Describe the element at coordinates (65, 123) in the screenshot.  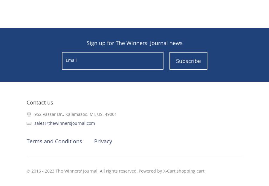
I see `'sales@thewinnersjournal.com'` at that location.